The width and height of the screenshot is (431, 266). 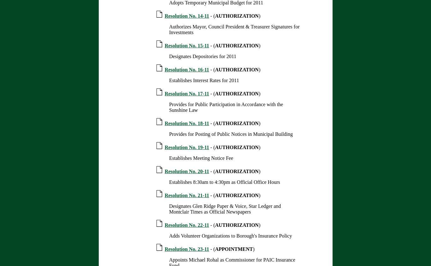 I want to click on 'Resolution   No.  14-11', so click(x=186, y=15).